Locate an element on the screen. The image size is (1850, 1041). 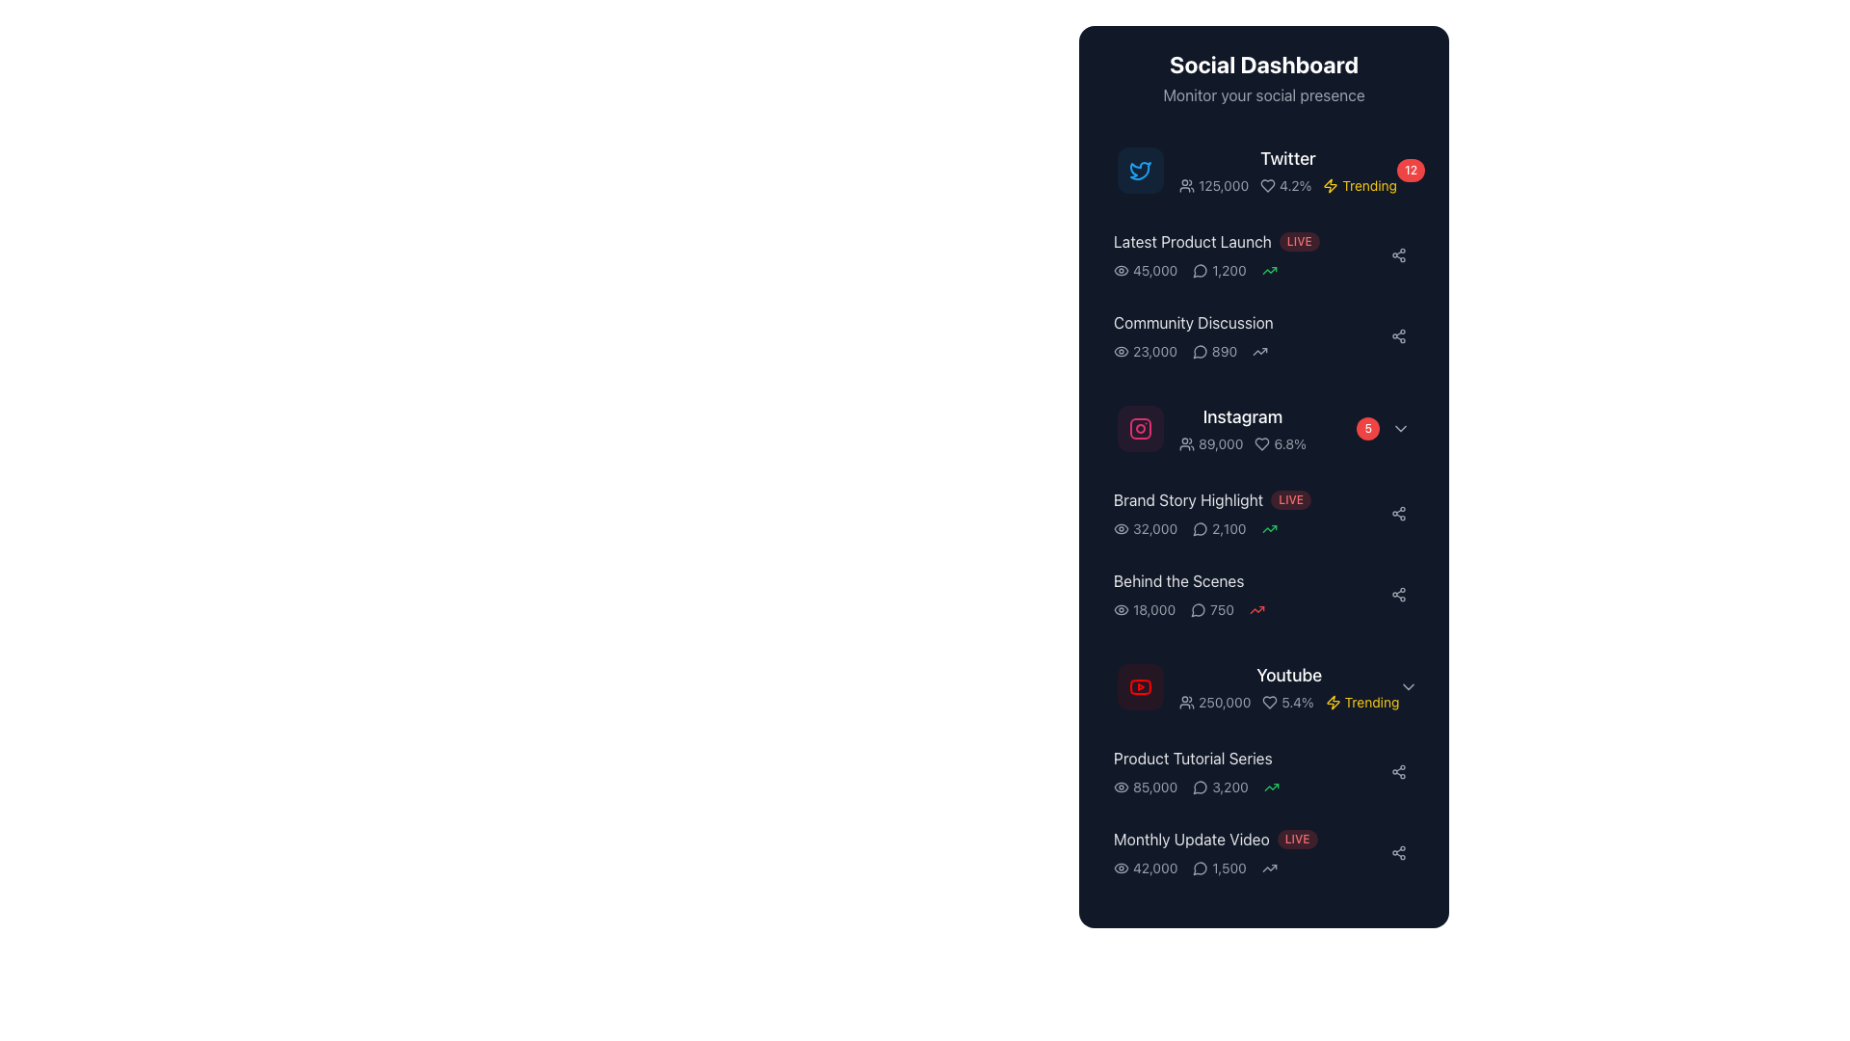
the view metrics icon located to the immediate left of the text '85,000' in the 'Product Tutorial Series' section, which visually represents the number of views is located at coordinates (1121, 787).